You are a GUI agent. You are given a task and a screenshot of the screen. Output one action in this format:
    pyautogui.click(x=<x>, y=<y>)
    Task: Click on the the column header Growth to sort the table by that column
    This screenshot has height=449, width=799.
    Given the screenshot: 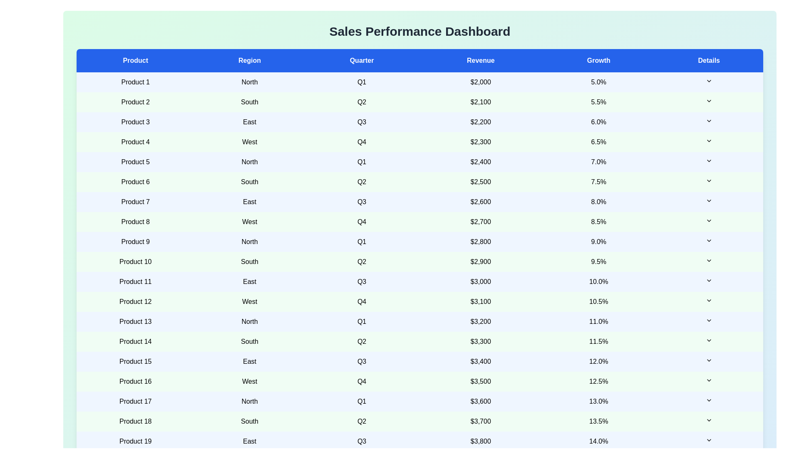 What is the action you would take?
    pyautogui.click(x=598, y=60)
    